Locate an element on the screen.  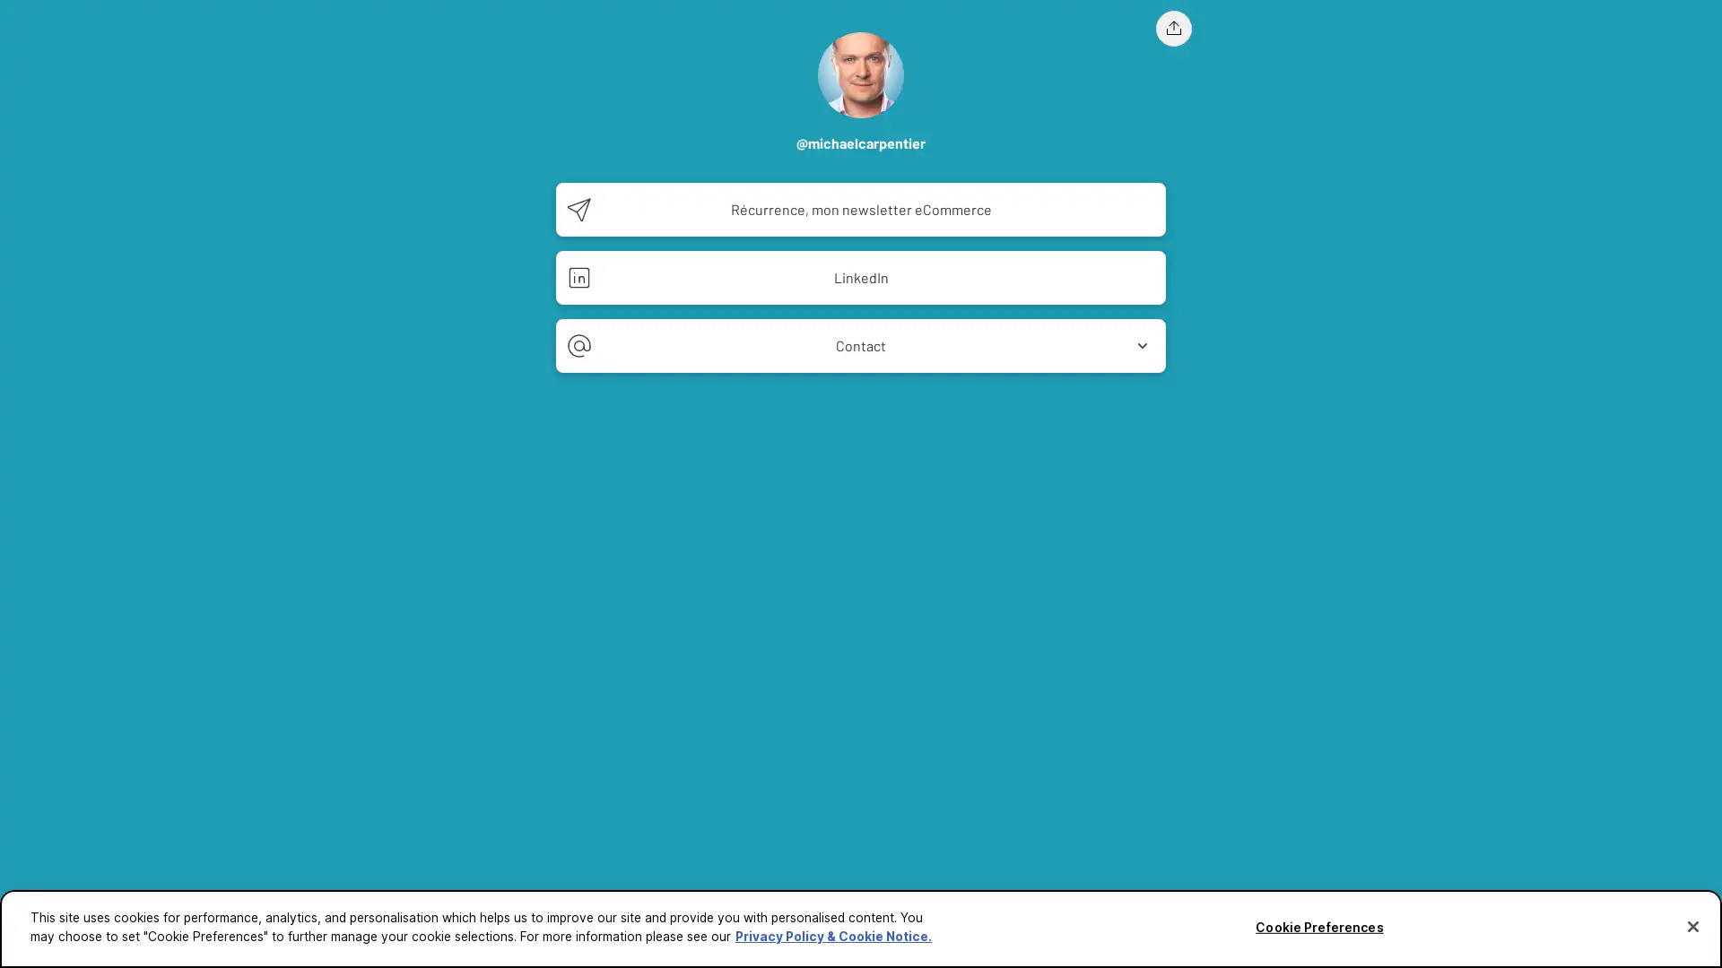
Close is located at coordinates (1692, 926).